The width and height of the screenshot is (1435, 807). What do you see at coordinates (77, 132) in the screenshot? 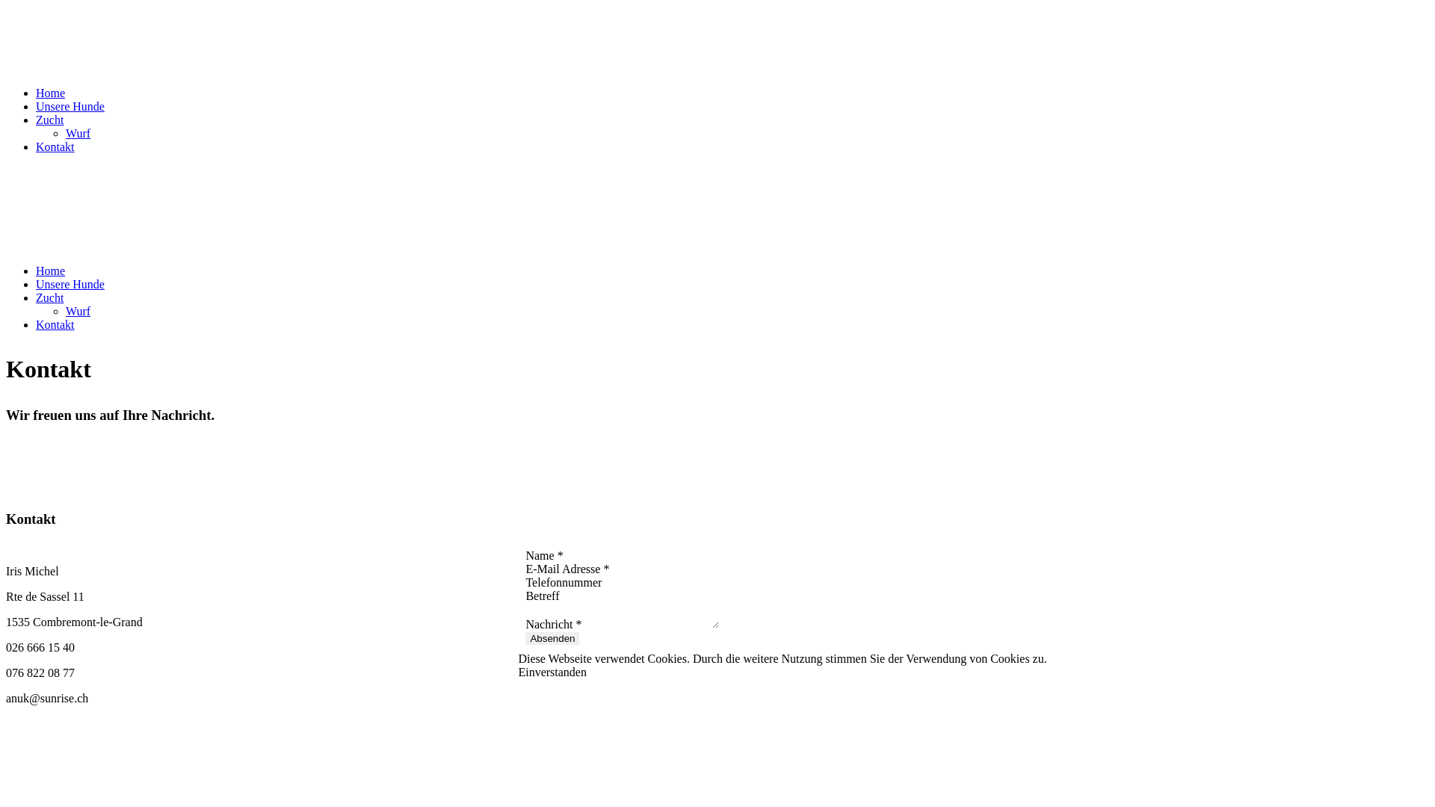
I see `'Wurf'` at bounding box center [77, 132].